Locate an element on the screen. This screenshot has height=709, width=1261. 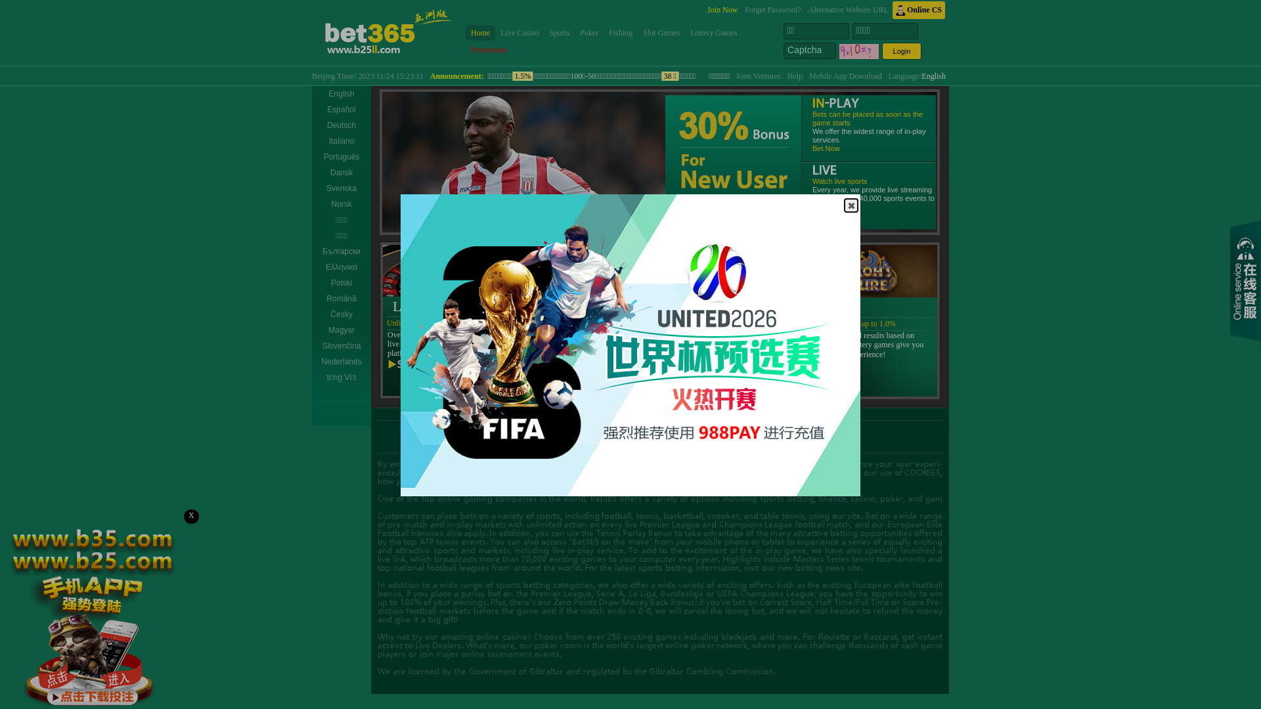
'Dansk' is located at coordinates (341, 171).